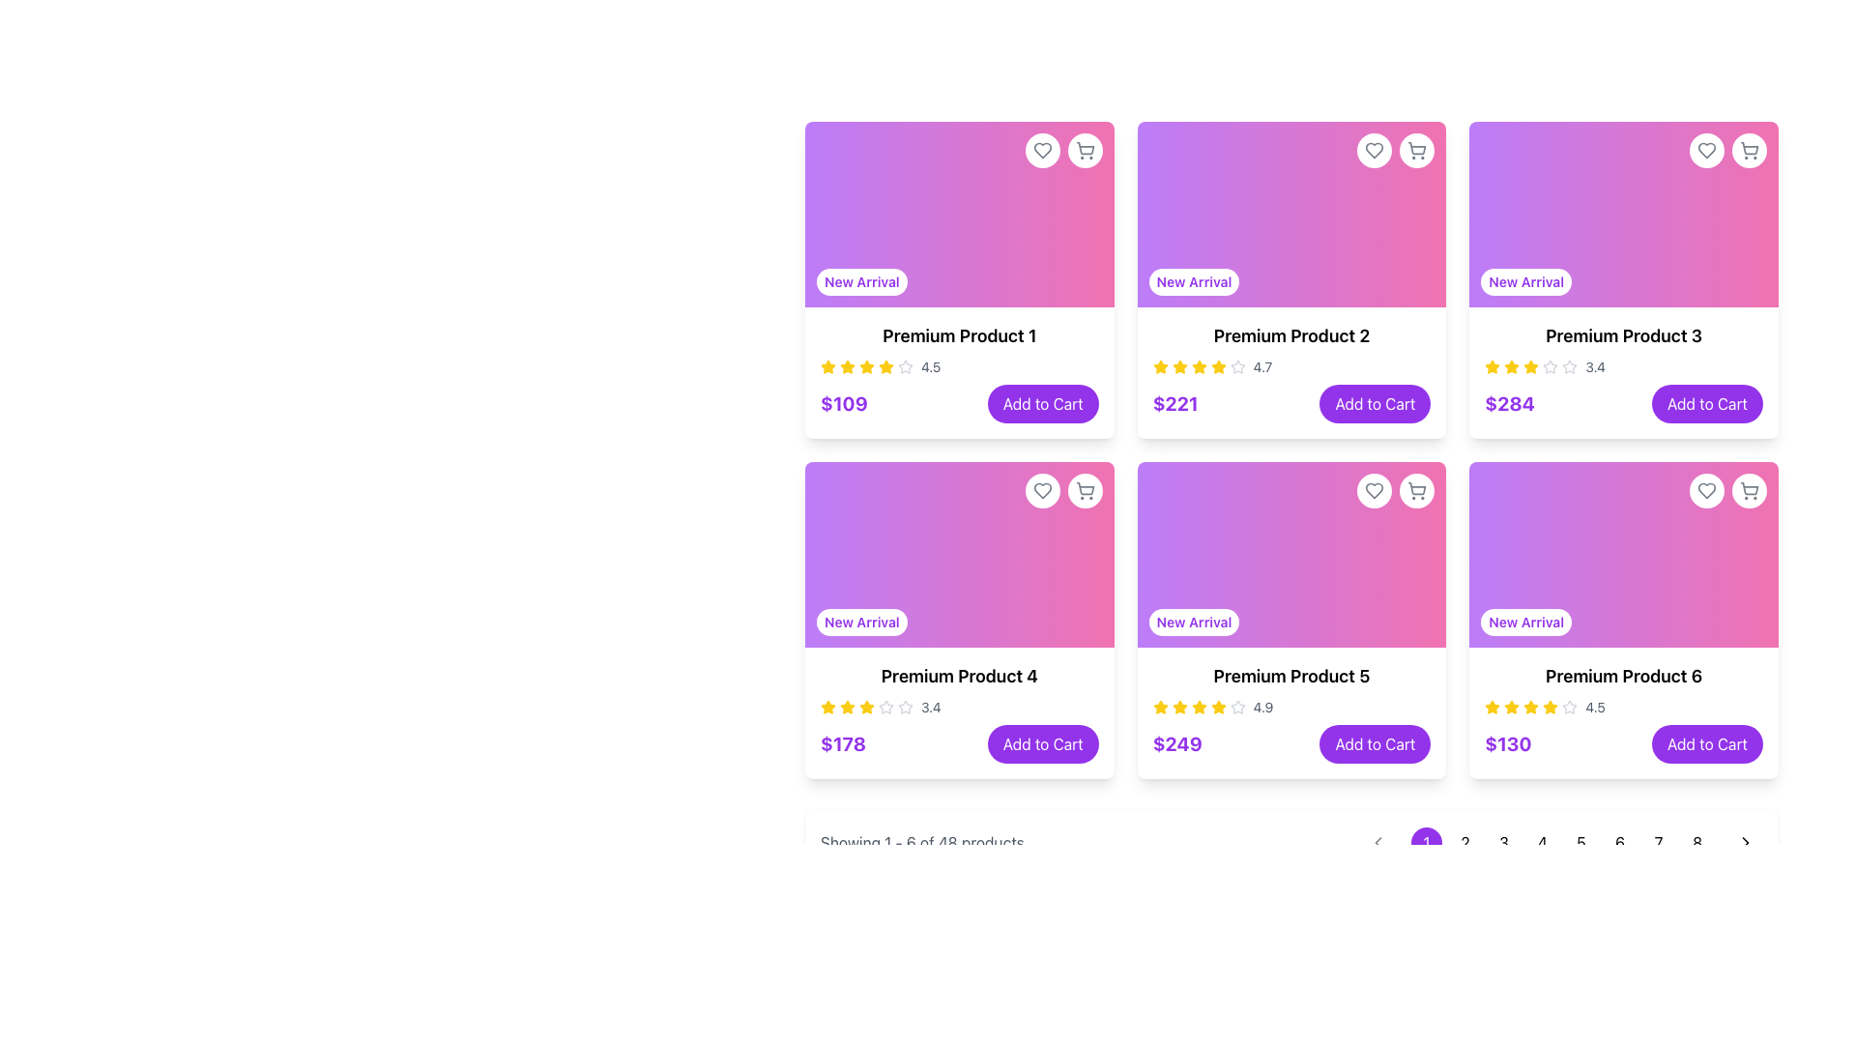 The image size is (1856, 1044). What do you see at coordinates (1507, 743) in the screenshot?
I see `displayed price text '$130' which is bold and purple, located in the bottom-right corner of the 'Premium Product 6' card, above the 'Add to Cart' button` at bounding box center [1507, 743].